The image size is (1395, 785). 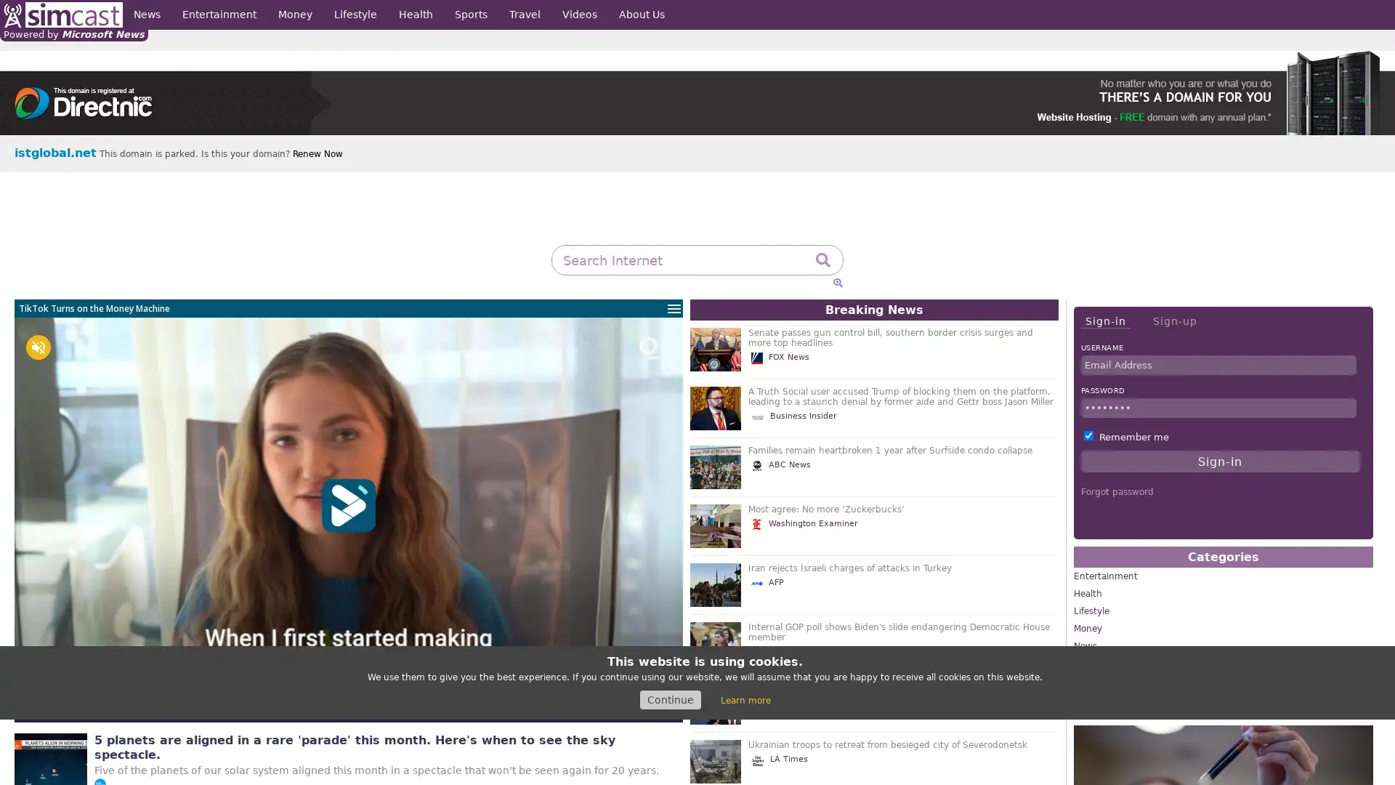 What do you see at coordinates (1104, 321) in the screenshot?
I see `Sign-in` at bounding box center [1104, 321].